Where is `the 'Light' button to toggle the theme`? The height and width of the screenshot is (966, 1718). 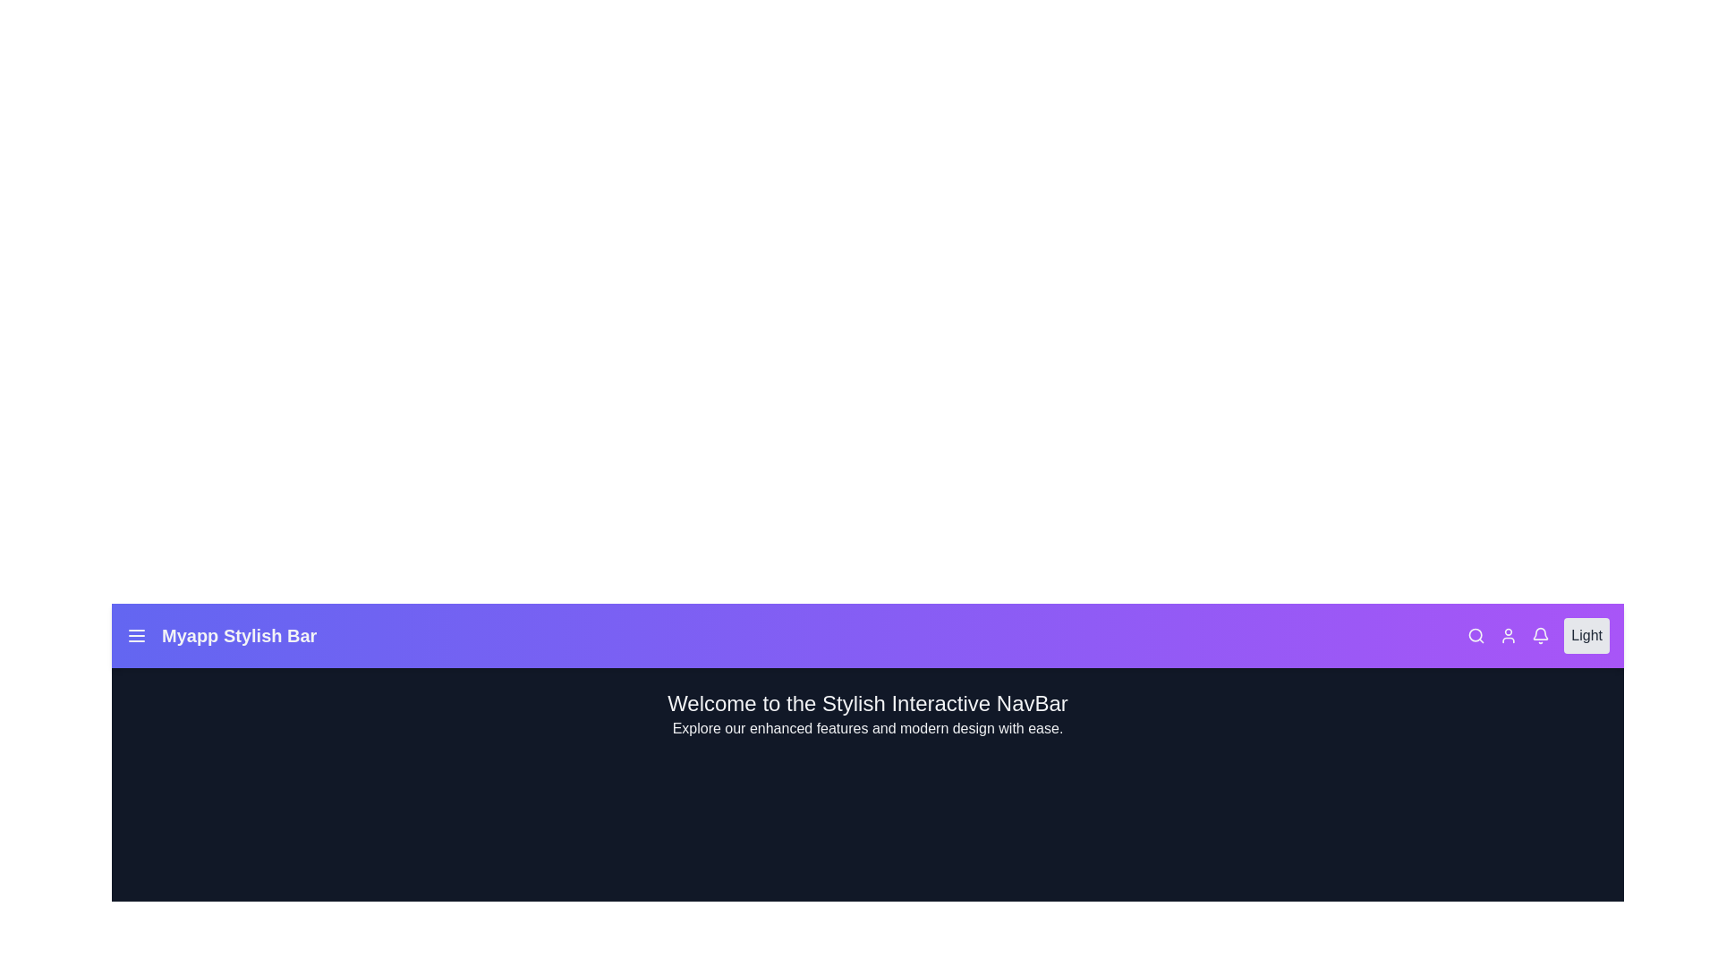 the 'Light' button to toggle the theme is located at coordinates (1586, 634).